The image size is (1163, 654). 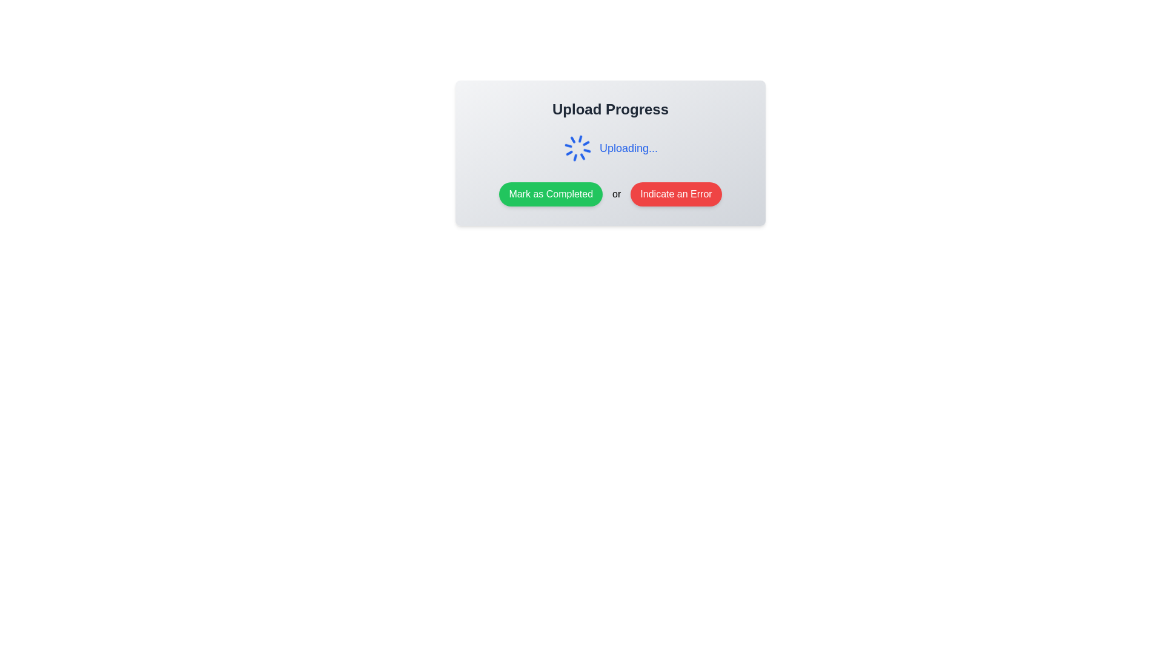 What do you see at coordinates (628, 148) in the screenshot?
I see `the text label displaying 'Uploading...' in bold blue font, located to the right of the rotating loader icon in the 'Upload Progress' modal` at bounding box center [628, 148].